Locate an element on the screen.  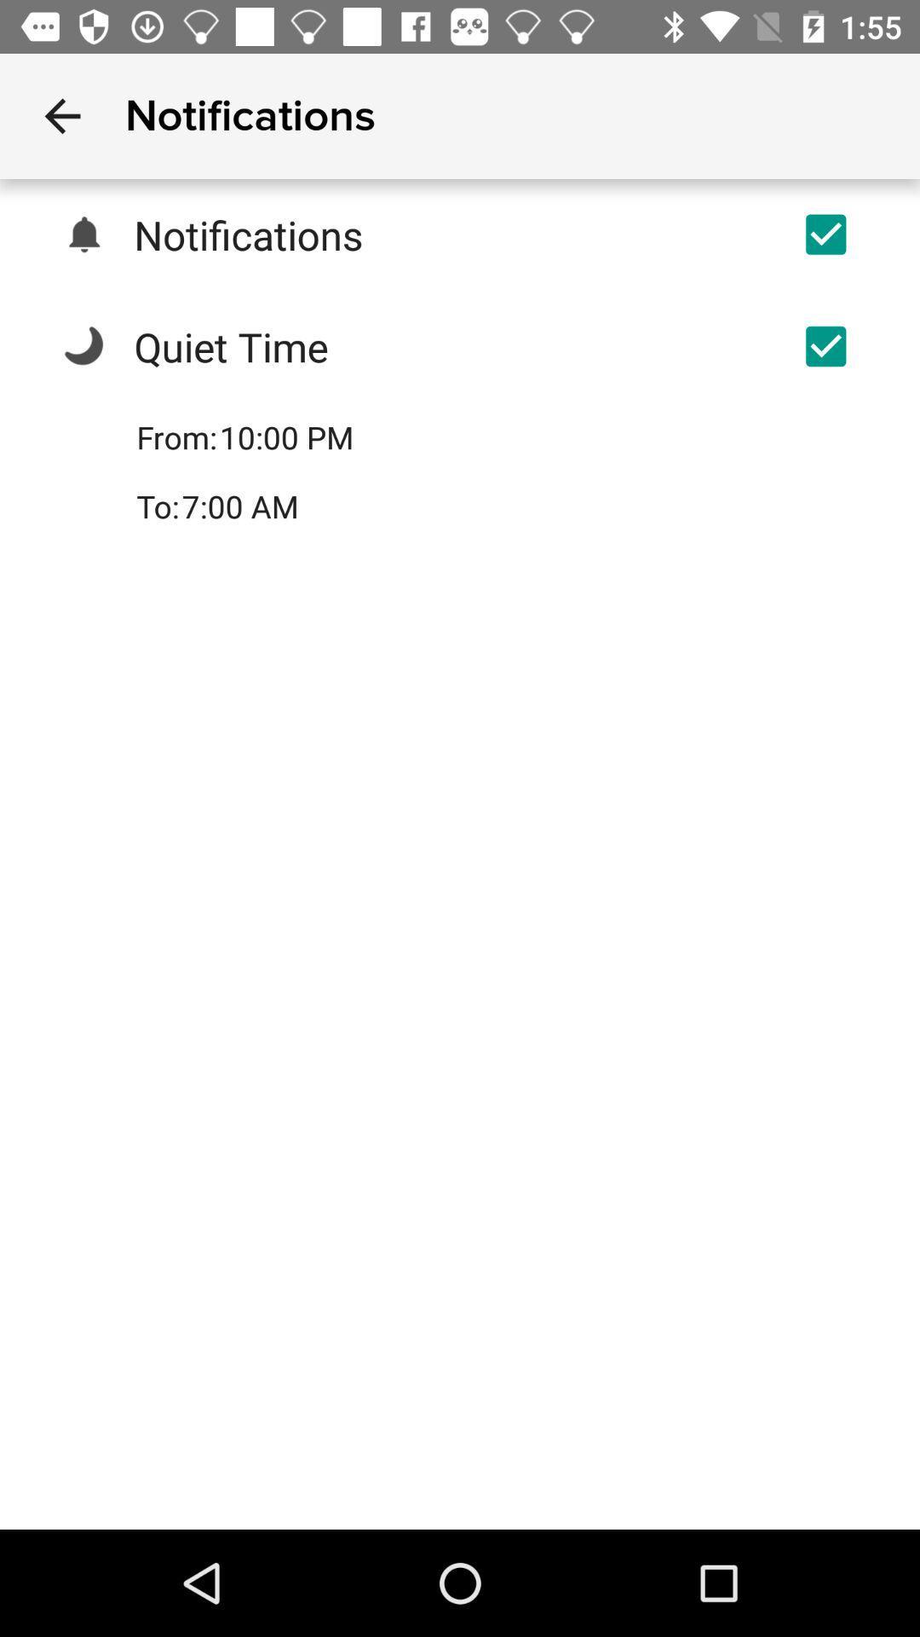
item next to notifications item is located at coordinates (61, 115).